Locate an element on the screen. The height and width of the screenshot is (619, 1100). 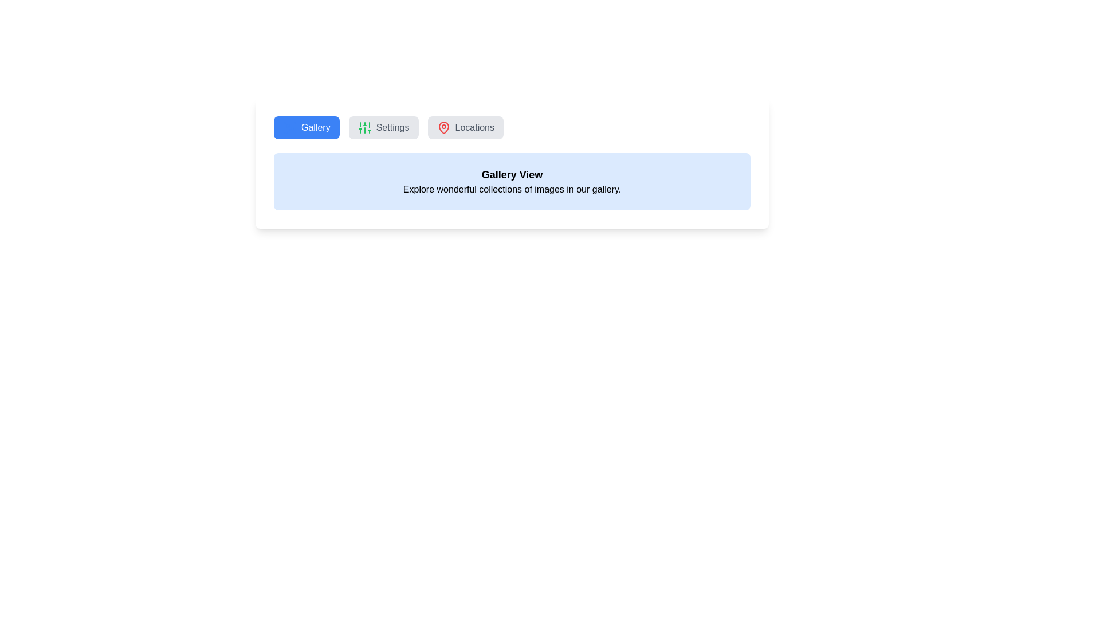
the tab Gallery to observe its hover effect is located at coordinates (306, 128).